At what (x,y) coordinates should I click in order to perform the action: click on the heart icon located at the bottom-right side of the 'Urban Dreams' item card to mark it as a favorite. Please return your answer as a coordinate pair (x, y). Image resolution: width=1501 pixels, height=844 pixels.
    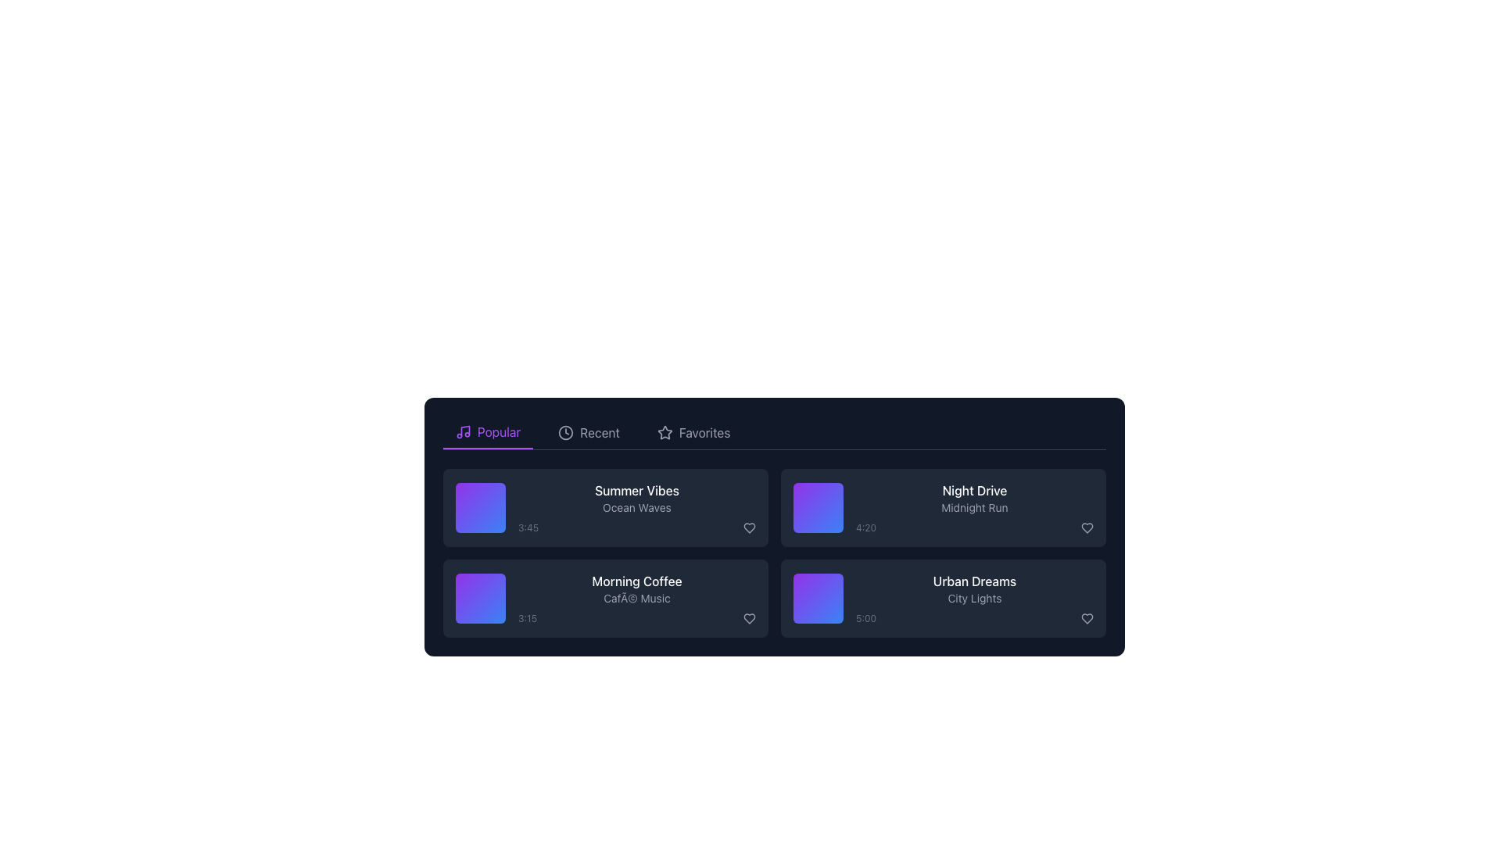
    Looking at the image, I should click on (1087, 617).